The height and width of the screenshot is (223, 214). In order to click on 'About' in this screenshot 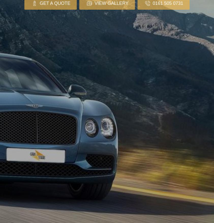, I will do `click(14, 196)`.